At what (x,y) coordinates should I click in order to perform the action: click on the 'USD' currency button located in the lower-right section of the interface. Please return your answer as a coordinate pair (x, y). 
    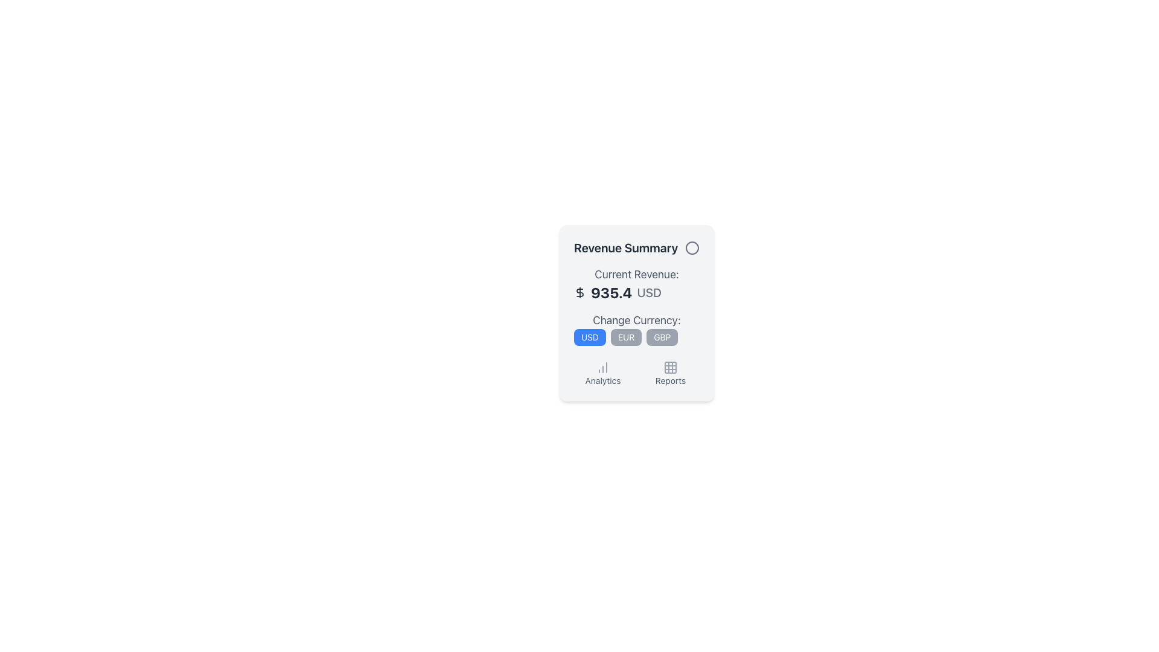
    Looking at the image, I should click on (590, 337).